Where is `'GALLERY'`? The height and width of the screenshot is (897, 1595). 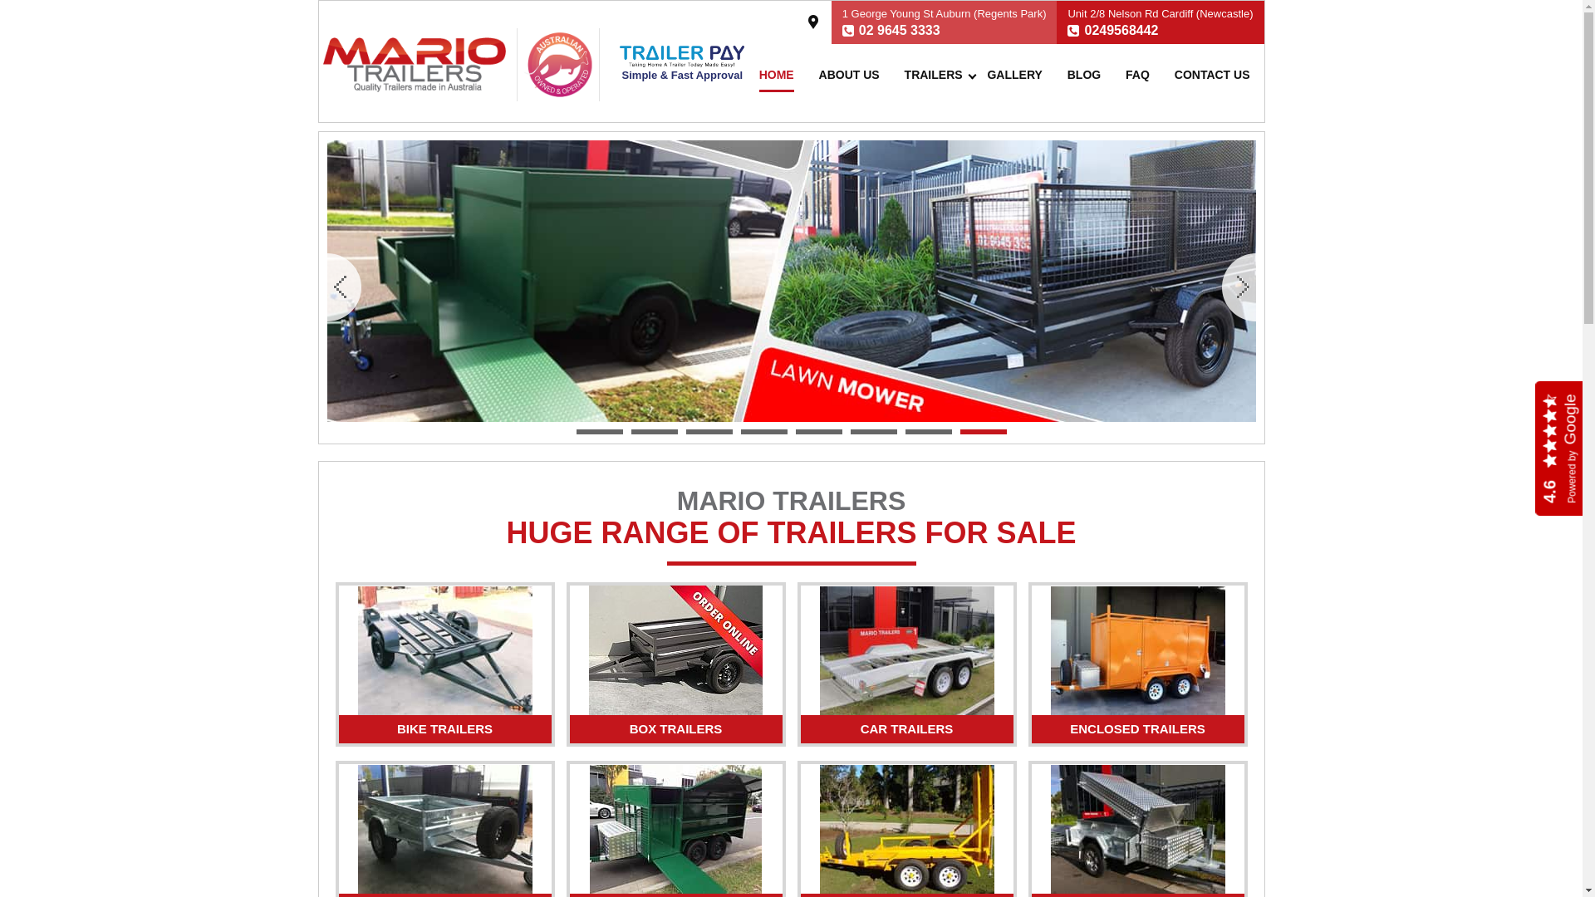
'GALLERY' is located at coordinates (1013, 73).